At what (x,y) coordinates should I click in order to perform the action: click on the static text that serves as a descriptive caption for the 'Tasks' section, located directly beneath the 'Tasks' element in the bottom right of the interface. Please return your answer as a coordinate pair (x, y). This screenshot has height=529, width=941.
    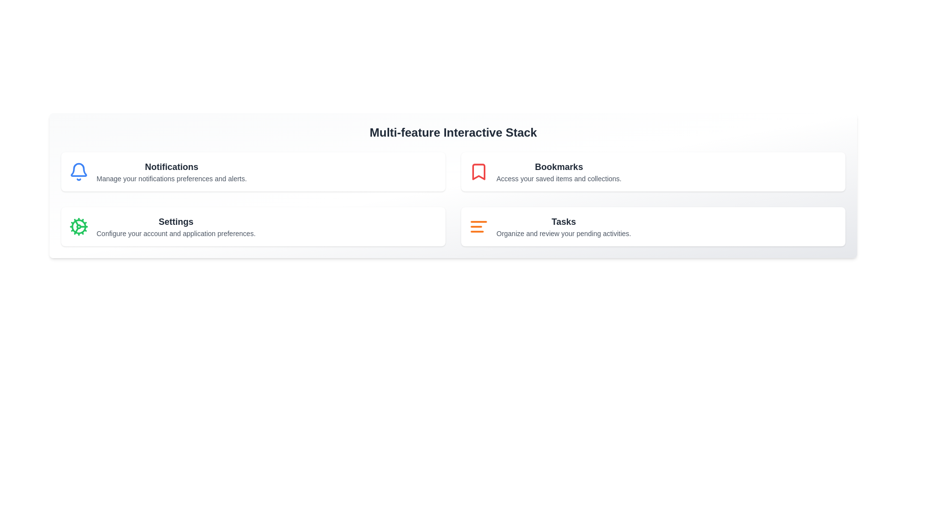
    Looking at the image, I should click on (564, 234).